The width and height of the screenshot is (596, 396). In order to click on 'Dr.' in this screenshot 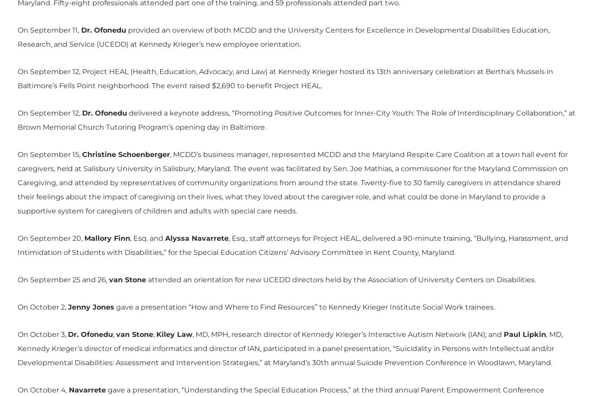, I will do `click(87, 30)`.